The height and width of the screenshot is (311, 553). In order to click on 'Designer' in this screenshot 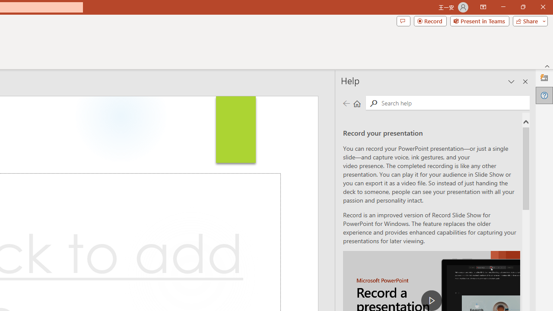, I will do `click(544, 78)`.